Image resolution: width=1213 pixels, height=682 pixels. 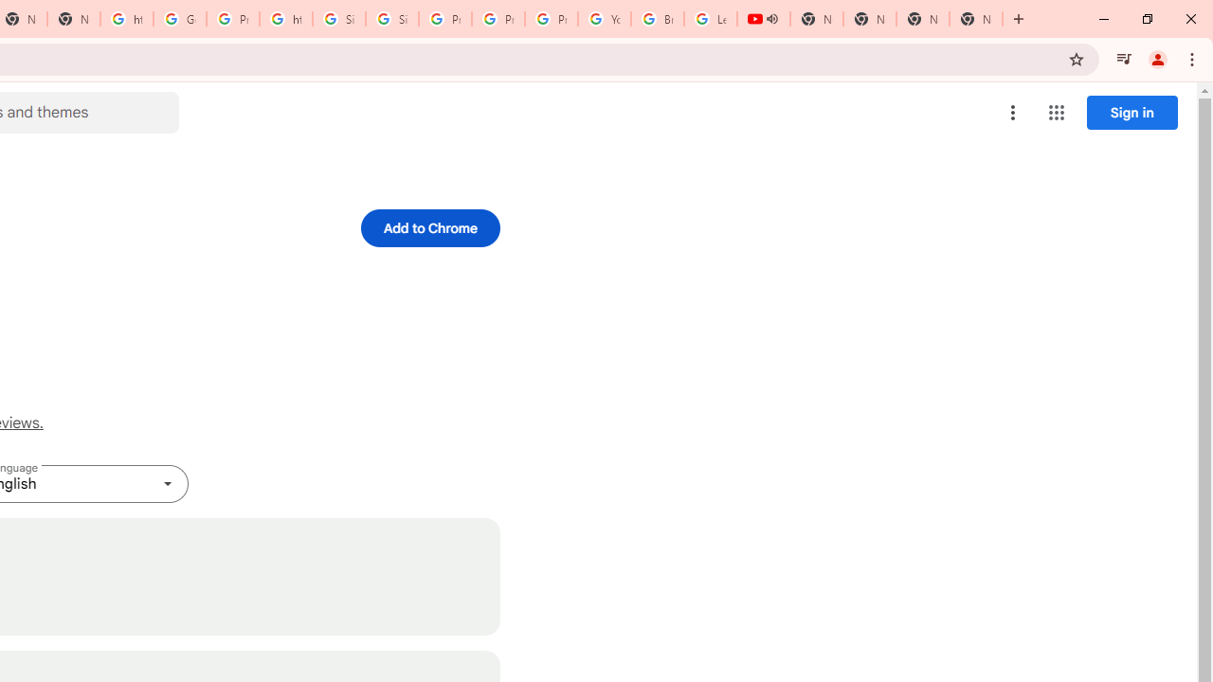 What do you see at coordinates (923, 19) in the screenshot?
I see `'New Tab'` at bounding box center [923, 19].